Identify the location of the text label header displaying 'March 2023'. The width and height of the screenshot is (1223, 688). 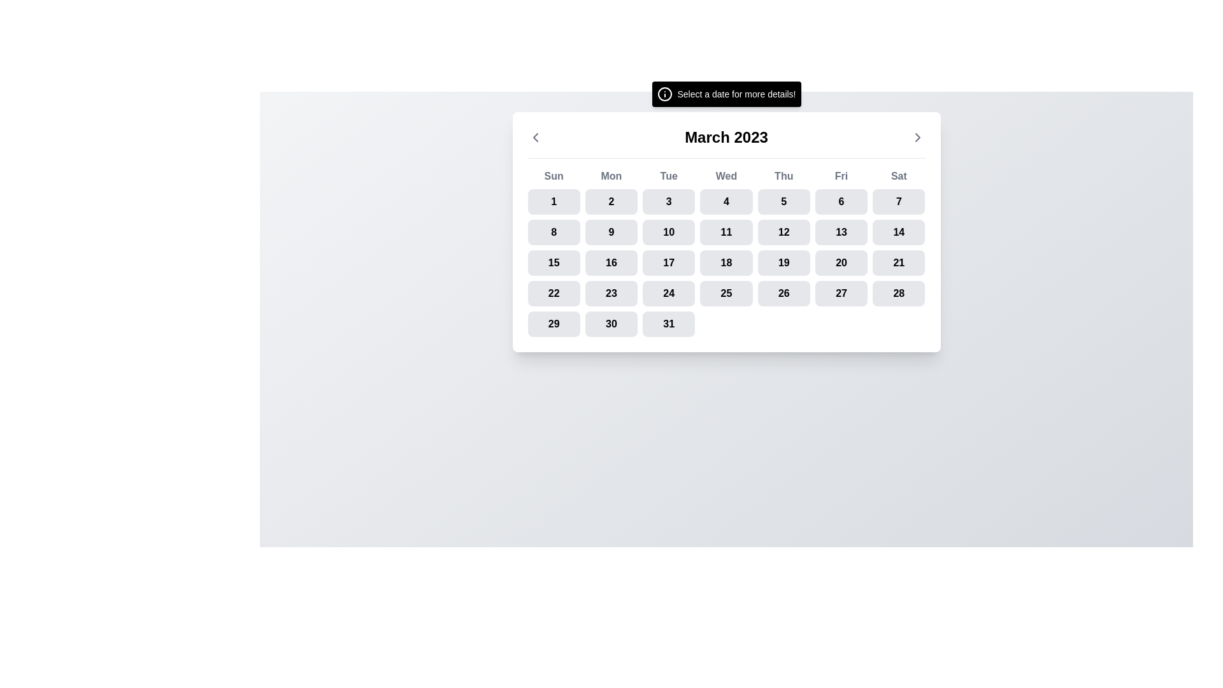
(726, 138).